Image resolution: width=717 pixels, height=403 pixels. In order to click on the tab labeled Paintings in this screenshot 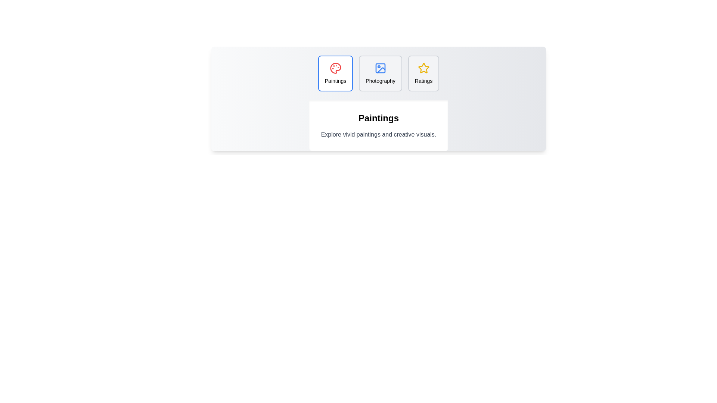, I will do `click(335, 73)`.